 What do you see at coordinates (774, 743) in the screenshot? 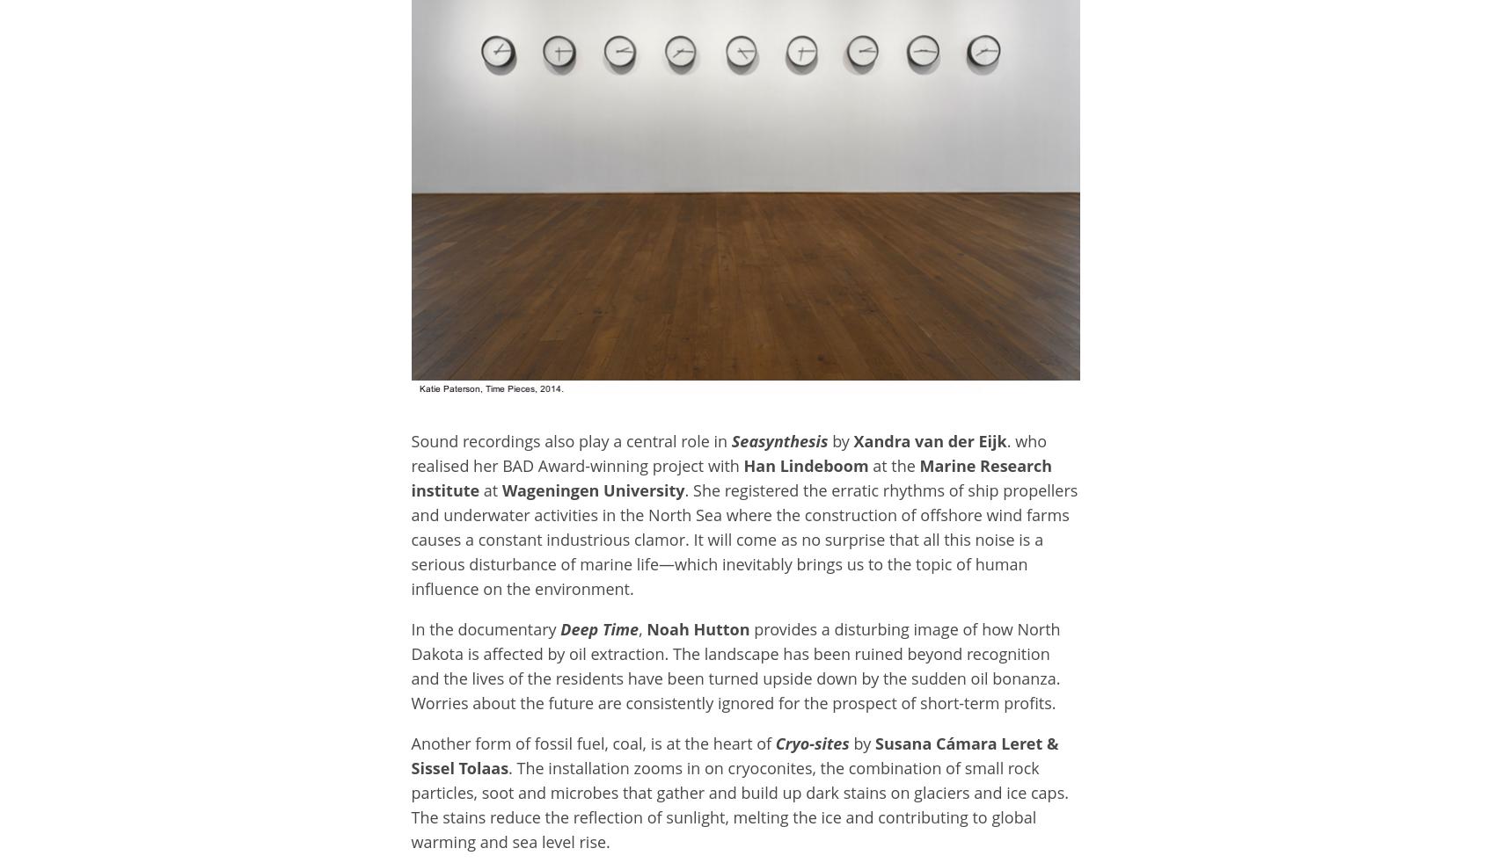
I see `'Cryo-sites'` at bounding box center [774, 743].